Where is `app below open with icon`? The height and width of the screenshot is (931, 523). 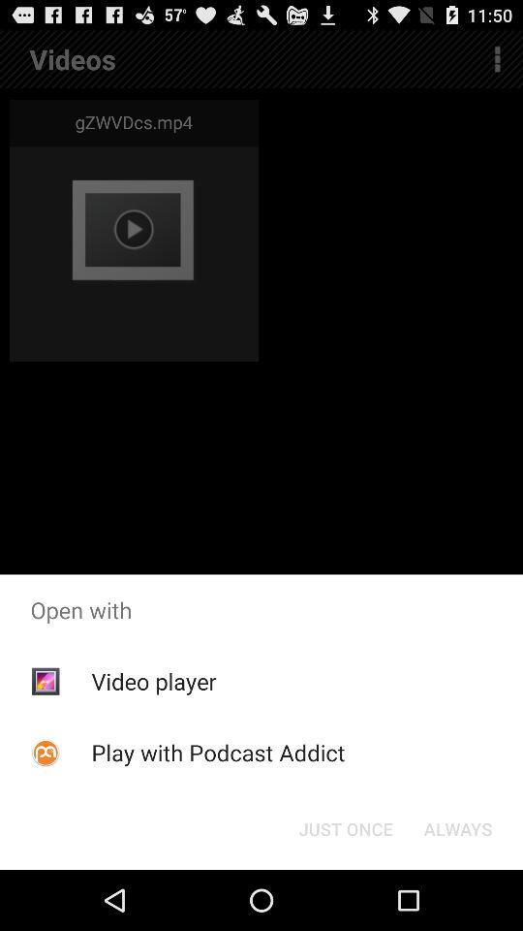
app below open with icon is located at coordinates (457, 827).